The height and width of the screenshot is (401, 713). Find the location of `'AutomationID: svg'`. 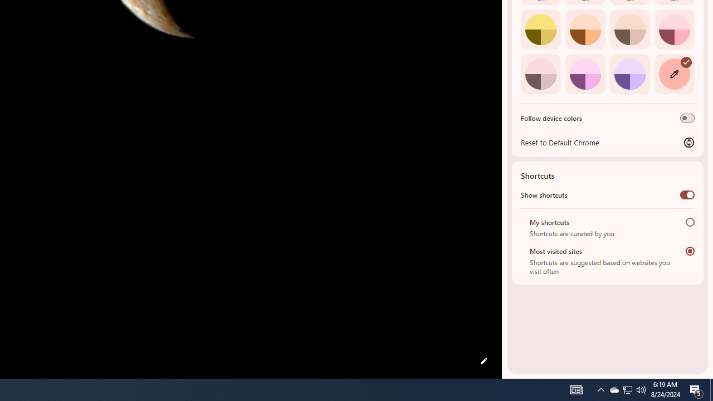

'AutomationID: svg' is located at coordinates (686, 62).